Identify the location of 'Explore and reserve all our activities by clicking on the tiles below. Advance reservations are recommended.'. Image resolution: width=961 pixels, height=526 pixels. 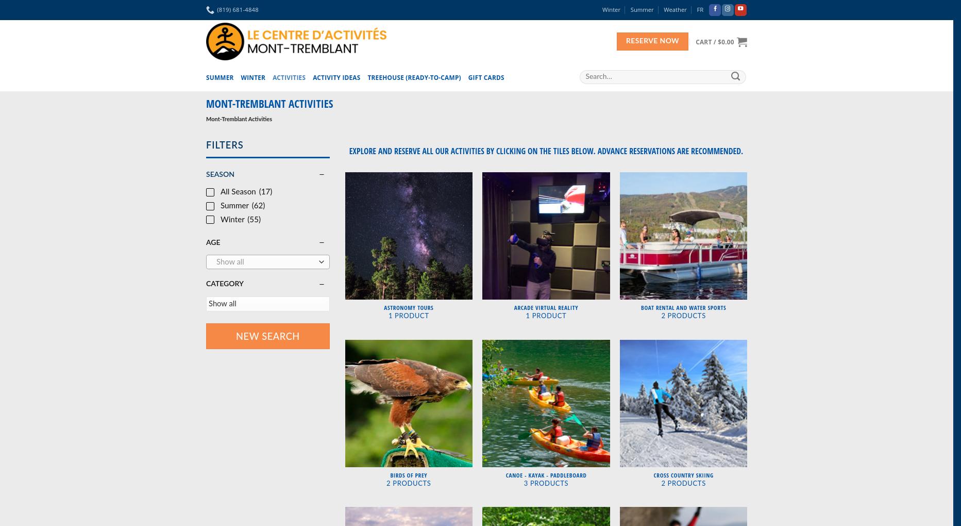
(546, 151).